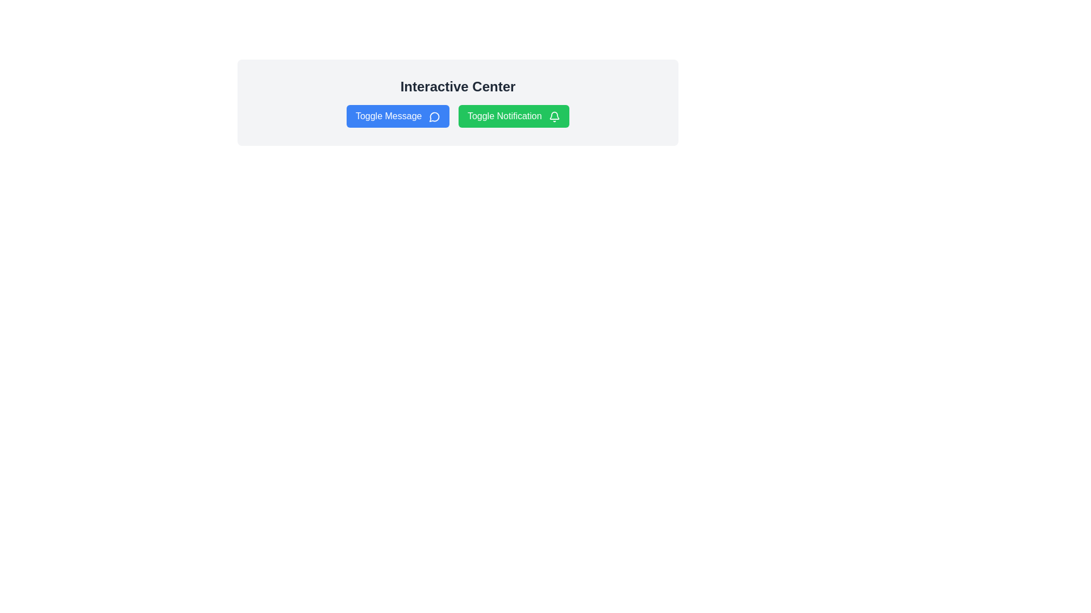  What do you see at coordinates (434, 116) in the screenshot?
I see `the circular chat bubble icon outlined in light stroke color, which is positioned to the right of the 'Toggle Message' text on the blue button` at bounding box center [434, 116].